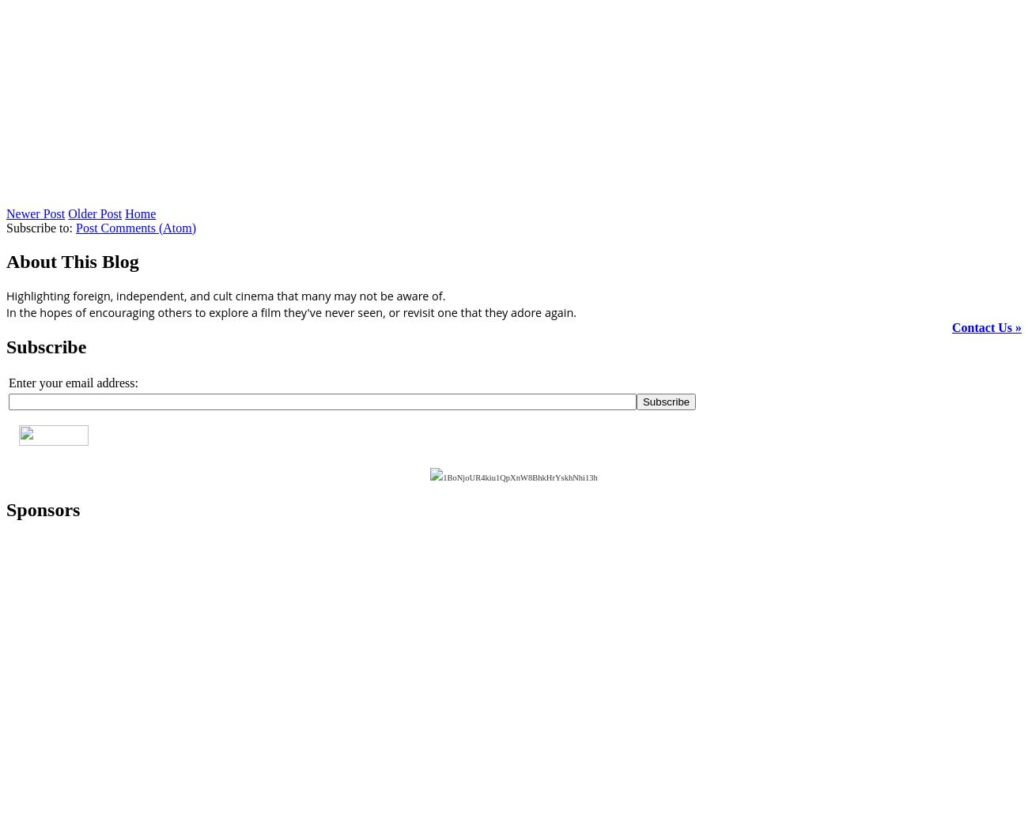  I want to click on 'Home', so click(140, 212).